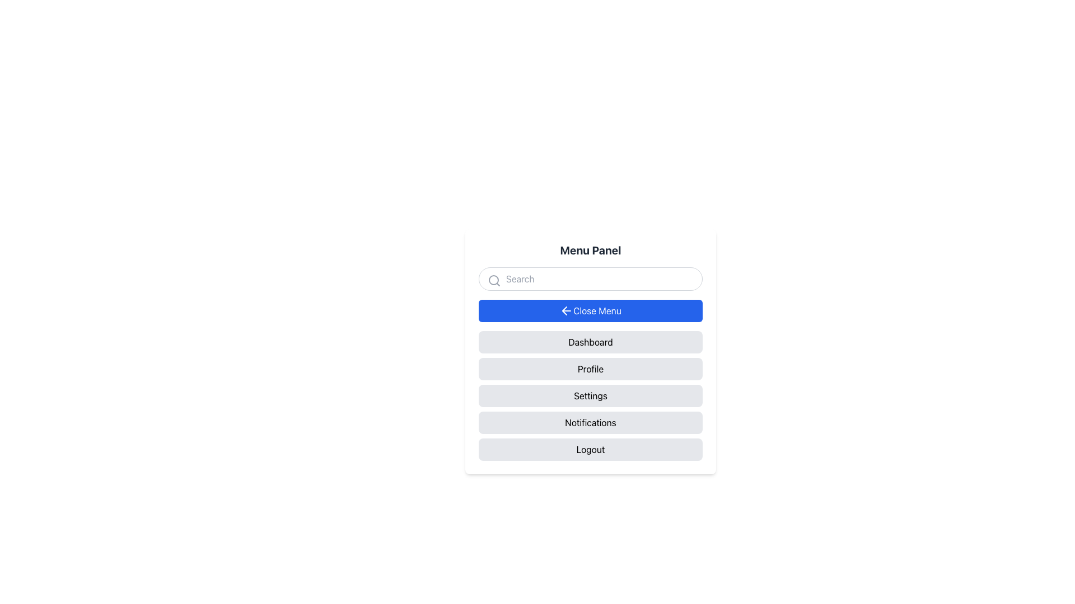 This screenshot has height=604, width=1075. Describe the element at coordinates (567, 310) in the screenshot. I see `the leftward-pointing arrow icon inside the blue button labeled 'Close Menu' in the menu panel` at that location.